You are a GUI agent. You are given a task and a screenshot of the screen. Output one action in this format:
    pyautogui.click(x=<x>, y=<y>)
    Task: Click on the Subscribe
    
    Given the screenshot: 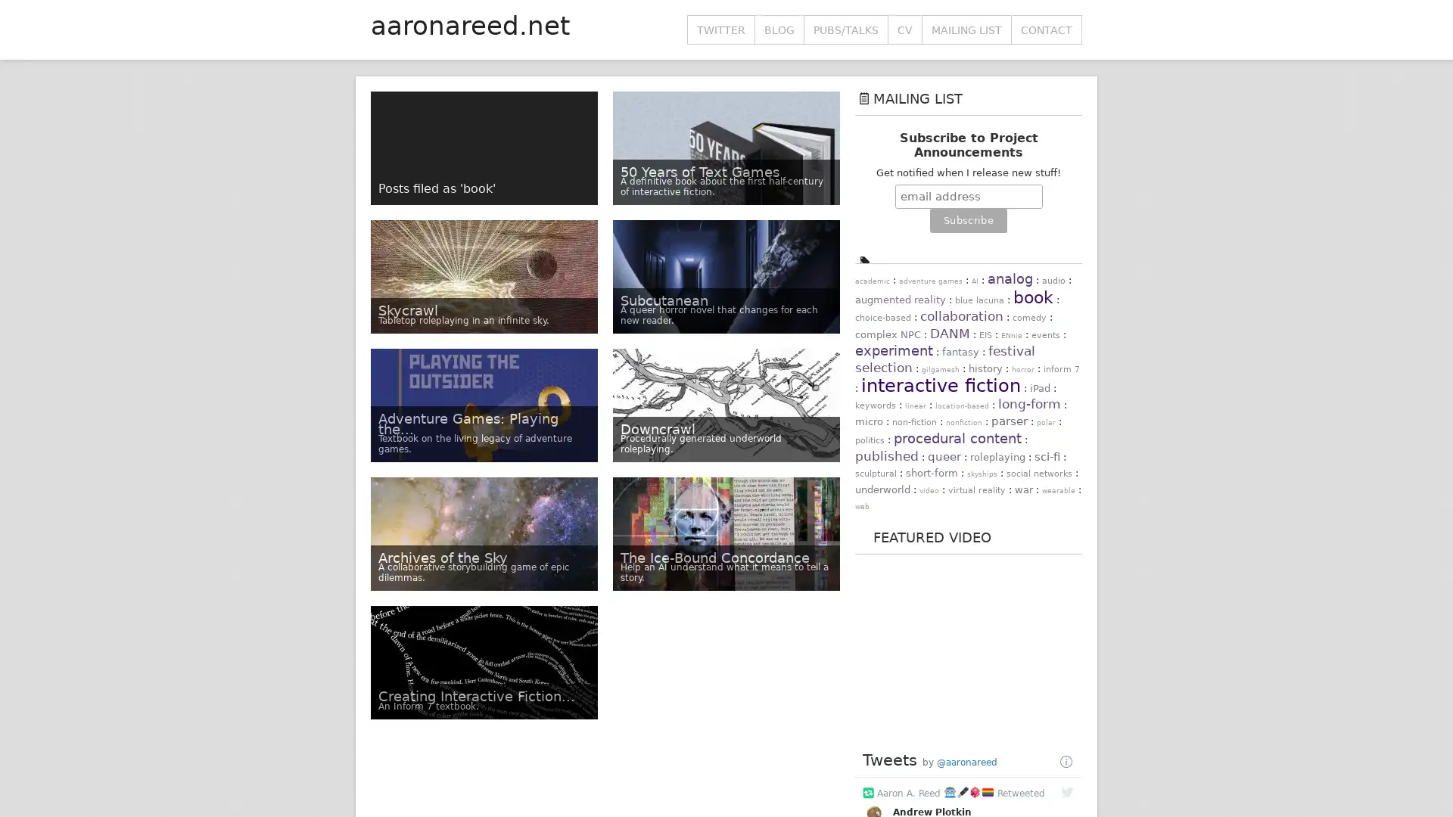 What is the action you would take?
    pyautogui.click(x=967, y=221)
    